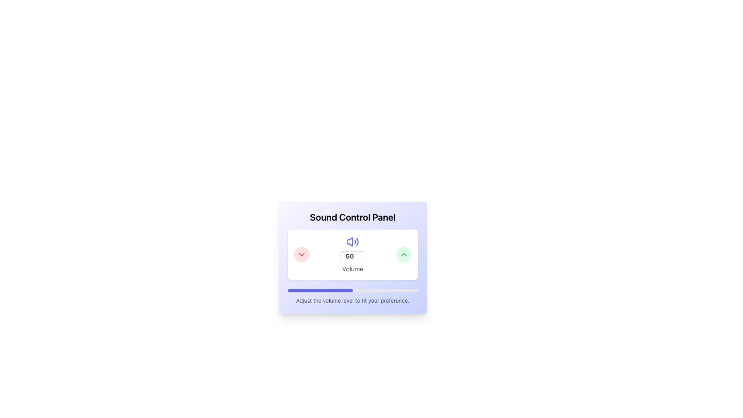  Describe the element at coordinates (403, 255) in the screenshot. I see `the volume increase button located in the top-right region of the 'Sound Control Panel' UI, which has an upward chevron design` at that location.